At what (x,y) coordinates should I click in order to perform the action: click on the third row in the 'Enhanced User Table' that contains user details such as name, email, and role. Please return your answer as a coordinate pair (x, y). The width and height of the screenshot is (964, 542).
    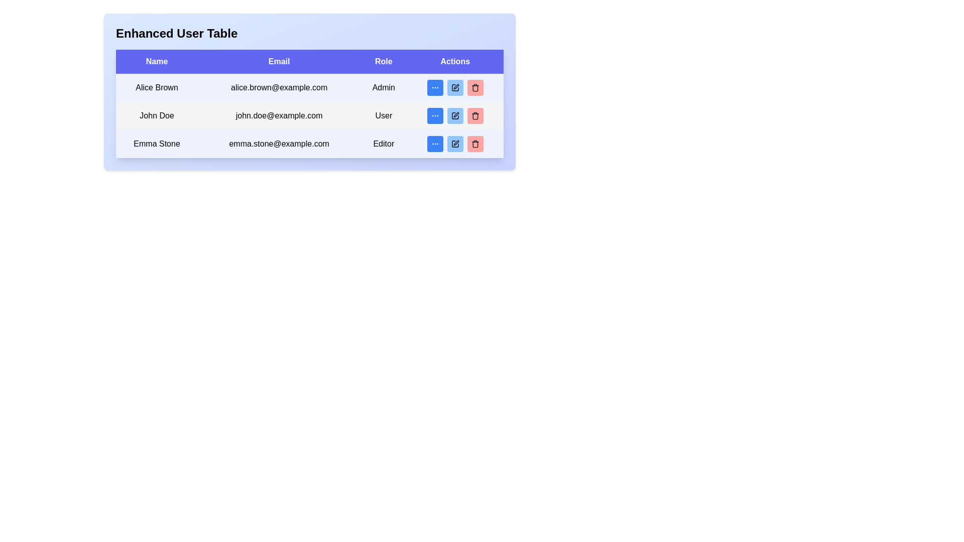
    Looking at the image, I should click on (309, 144).